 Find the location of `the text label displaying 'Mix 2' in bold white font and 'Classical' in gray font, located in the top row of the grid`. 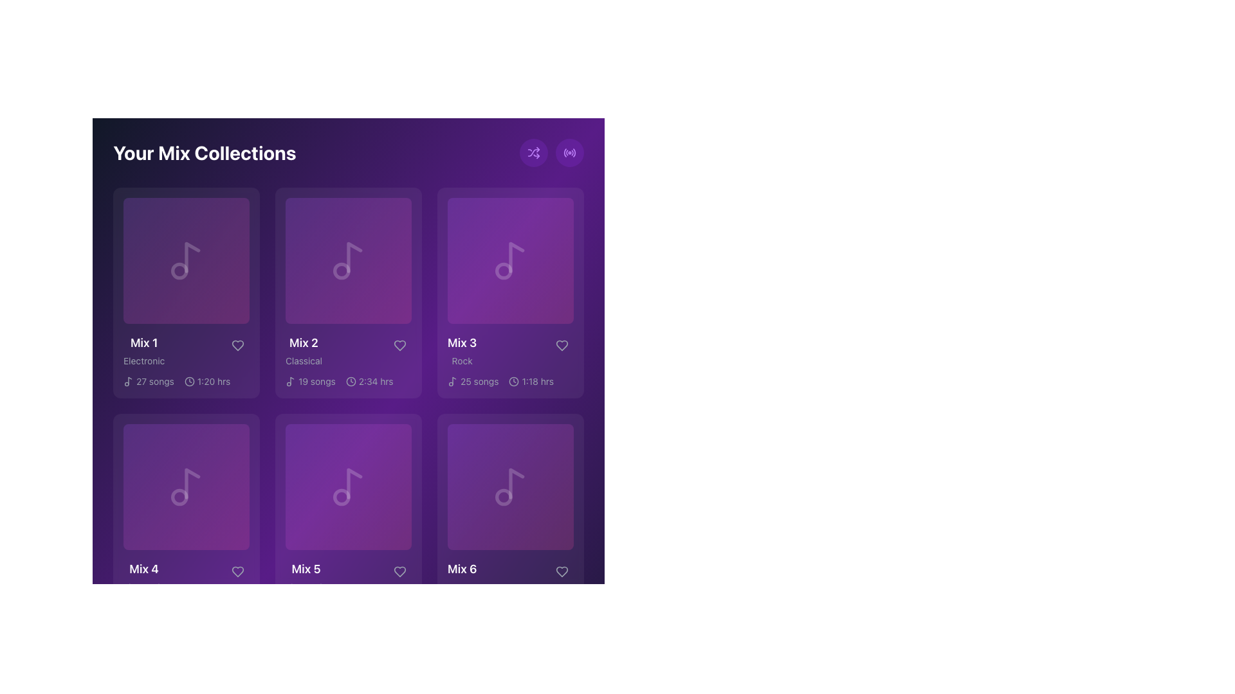

the text label displaying 'Mix 2' in bold white font and 'Classical' in gray font, located in the top row of the grid is located at coordinates (303, 351).